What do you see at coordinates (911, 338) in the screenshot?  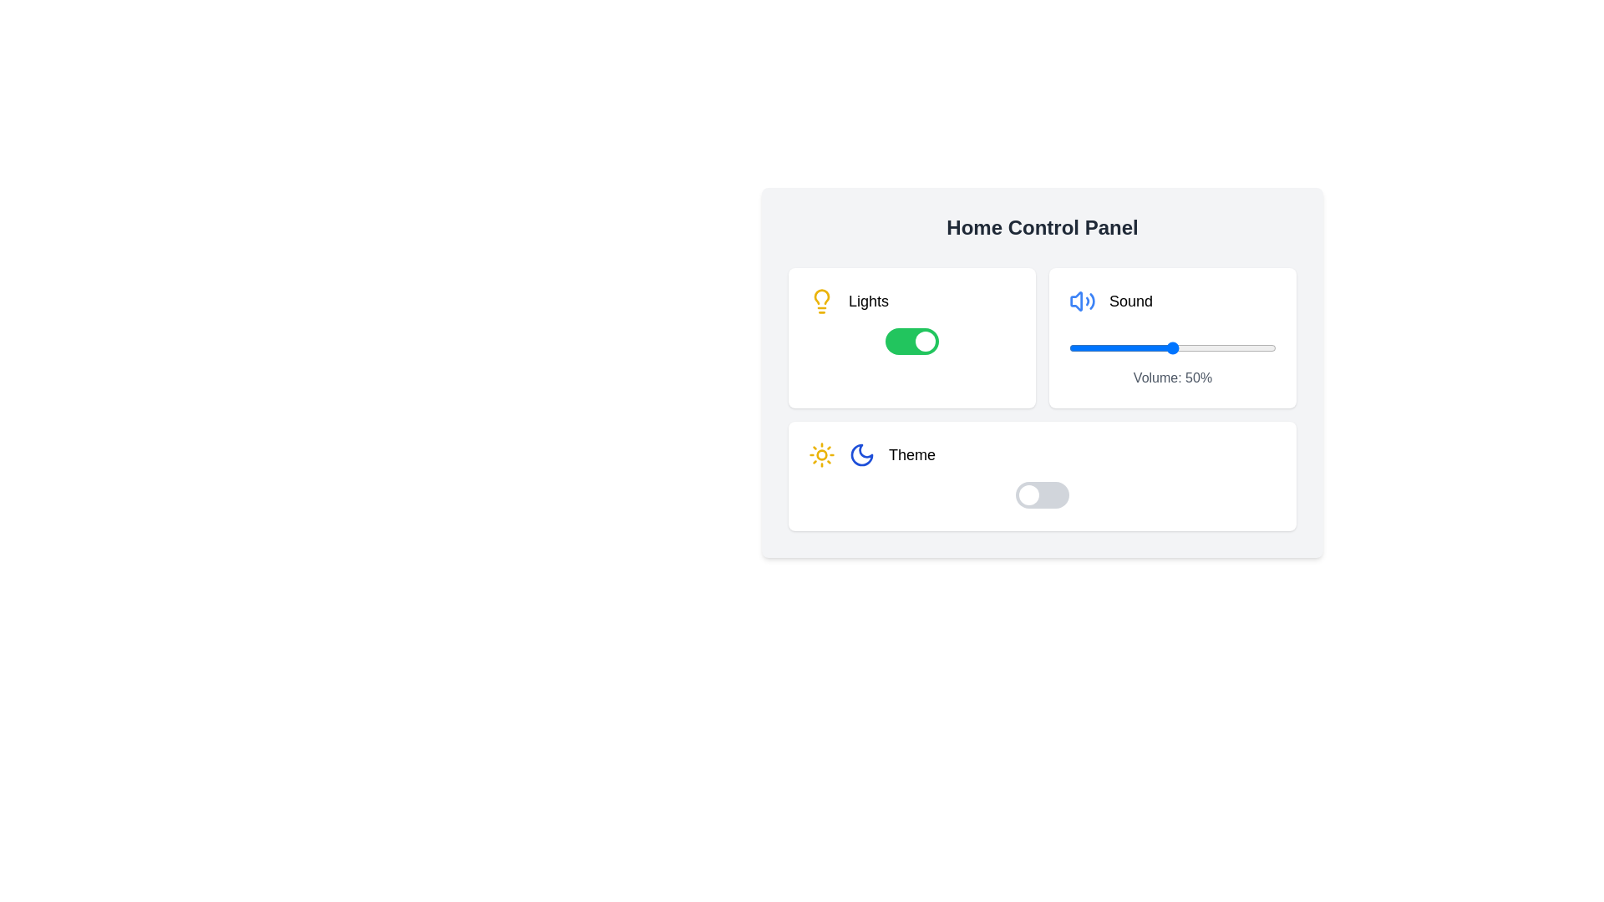 I see `the toggleable card component for 'Lights' in the Home Control Panel` at bounding box center [911, 338].